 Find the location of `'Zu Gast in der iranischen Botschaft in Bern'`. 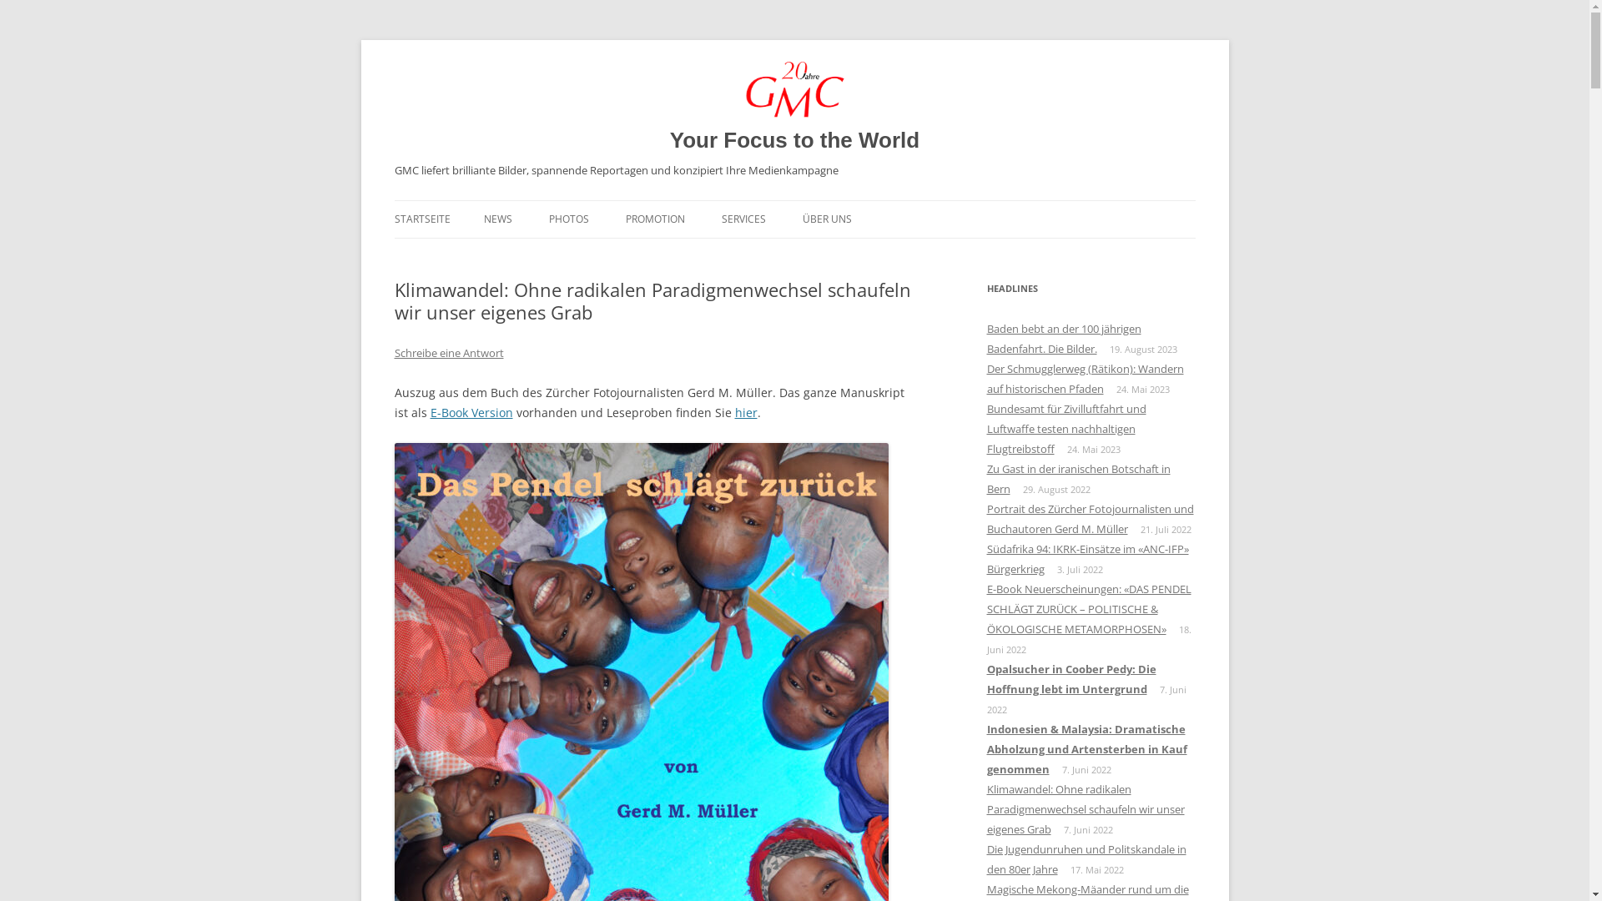

'Zu Gast in der iranischen Botschaft in Bern' is located at coordinates (1077, 479).